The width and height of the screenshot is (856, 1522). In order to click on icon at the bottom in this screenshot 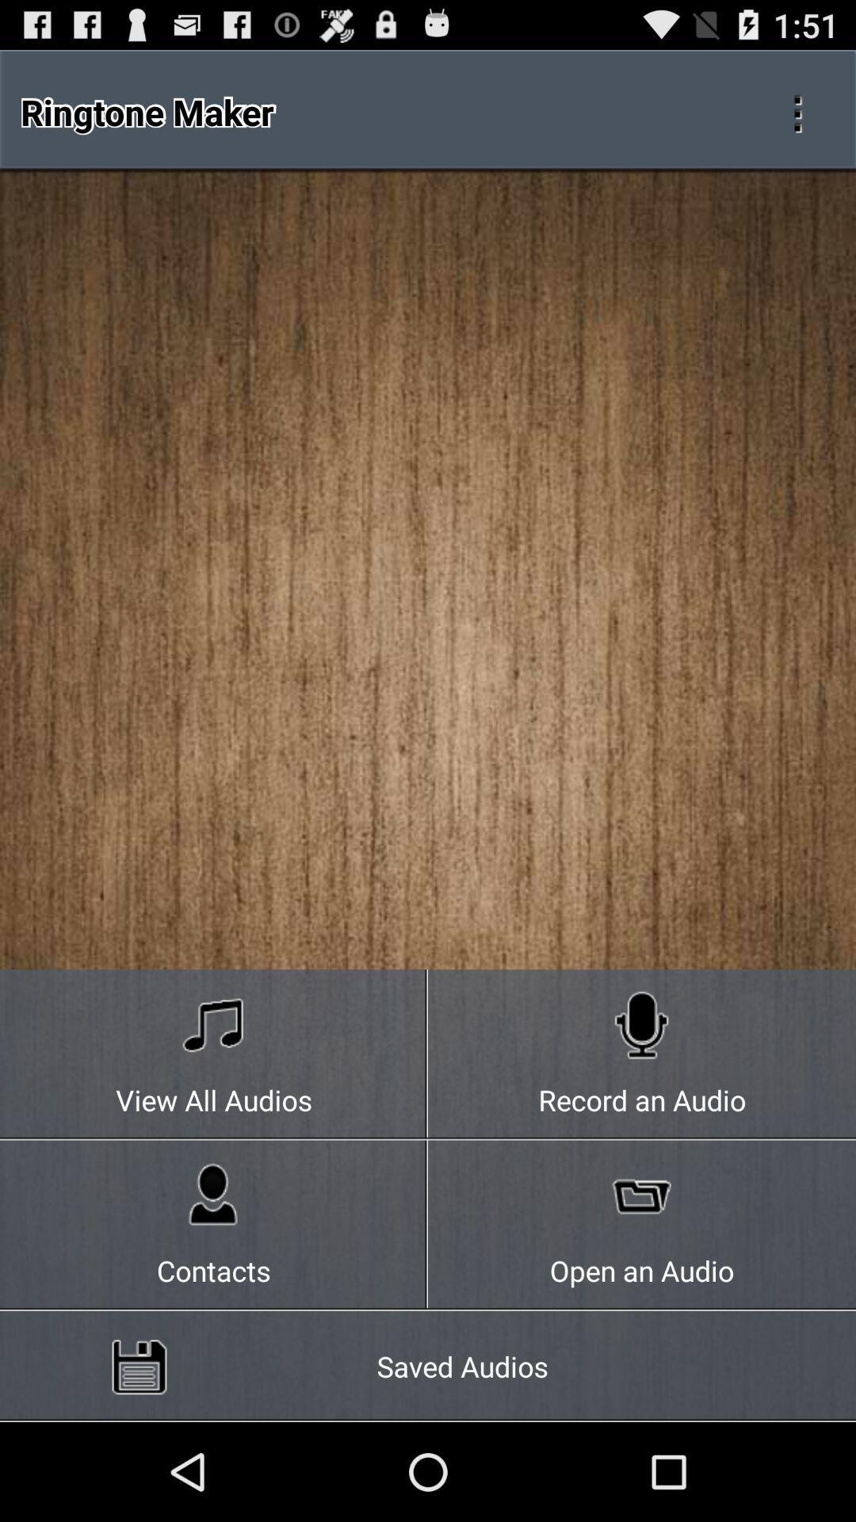, I will do `click(428, 1365)`.